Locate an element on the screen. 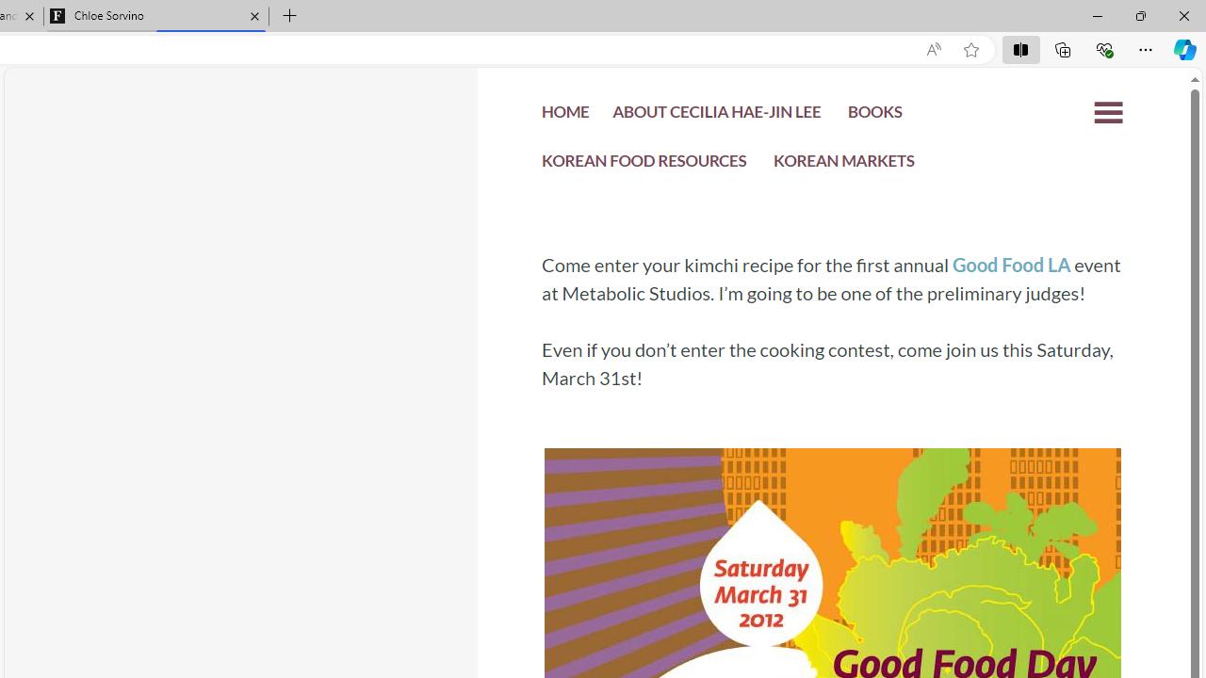 Image resolution: width=1206 pixels, height=678 pixels. 'ABOUT CECILIA HAE-JIN LEE' is located at coordinates (715, 117).